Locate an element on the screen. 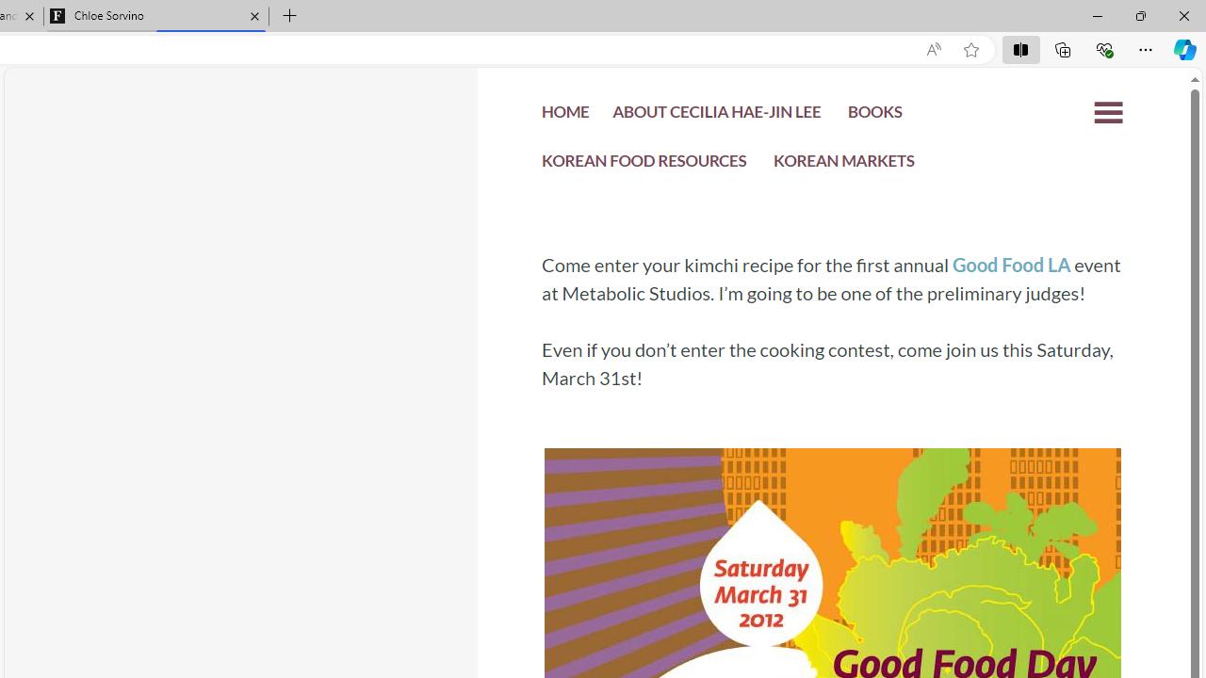 Image resolution: width=1206 pixels, height=678 pixels. 'ABOUT CECILIA HAE-JIN LEE' is located at coordinates (715, 117).